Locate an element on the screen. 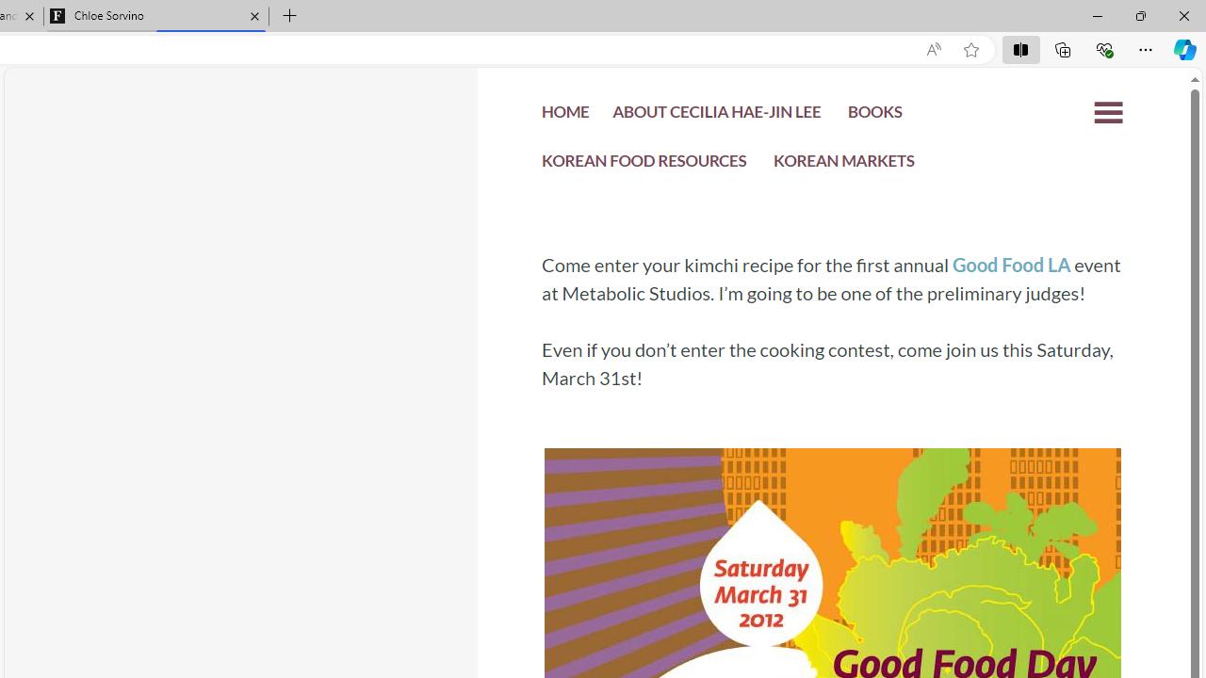 Image resolution: width=1206 pixels, height=678 pixels. 'ABOUT CECILIA HAE-JIN LEE' is located at coordinates (715, 117).